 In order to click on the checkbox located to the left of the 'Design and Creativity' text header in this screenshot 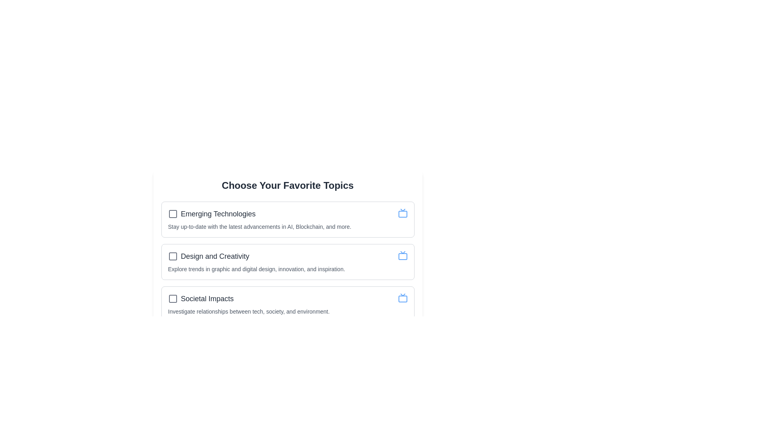, I will do `click(172, 256)`.